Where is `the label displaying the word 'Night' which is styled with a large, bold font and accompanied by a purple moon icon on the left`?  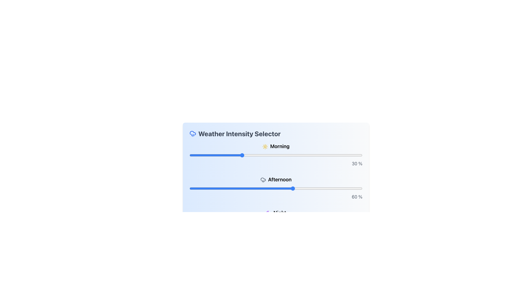 the label displaying the word 'Night' which is styled with a large, bold font and accompanied by a purple moon icon on the left is located at coordinates (276, 212).